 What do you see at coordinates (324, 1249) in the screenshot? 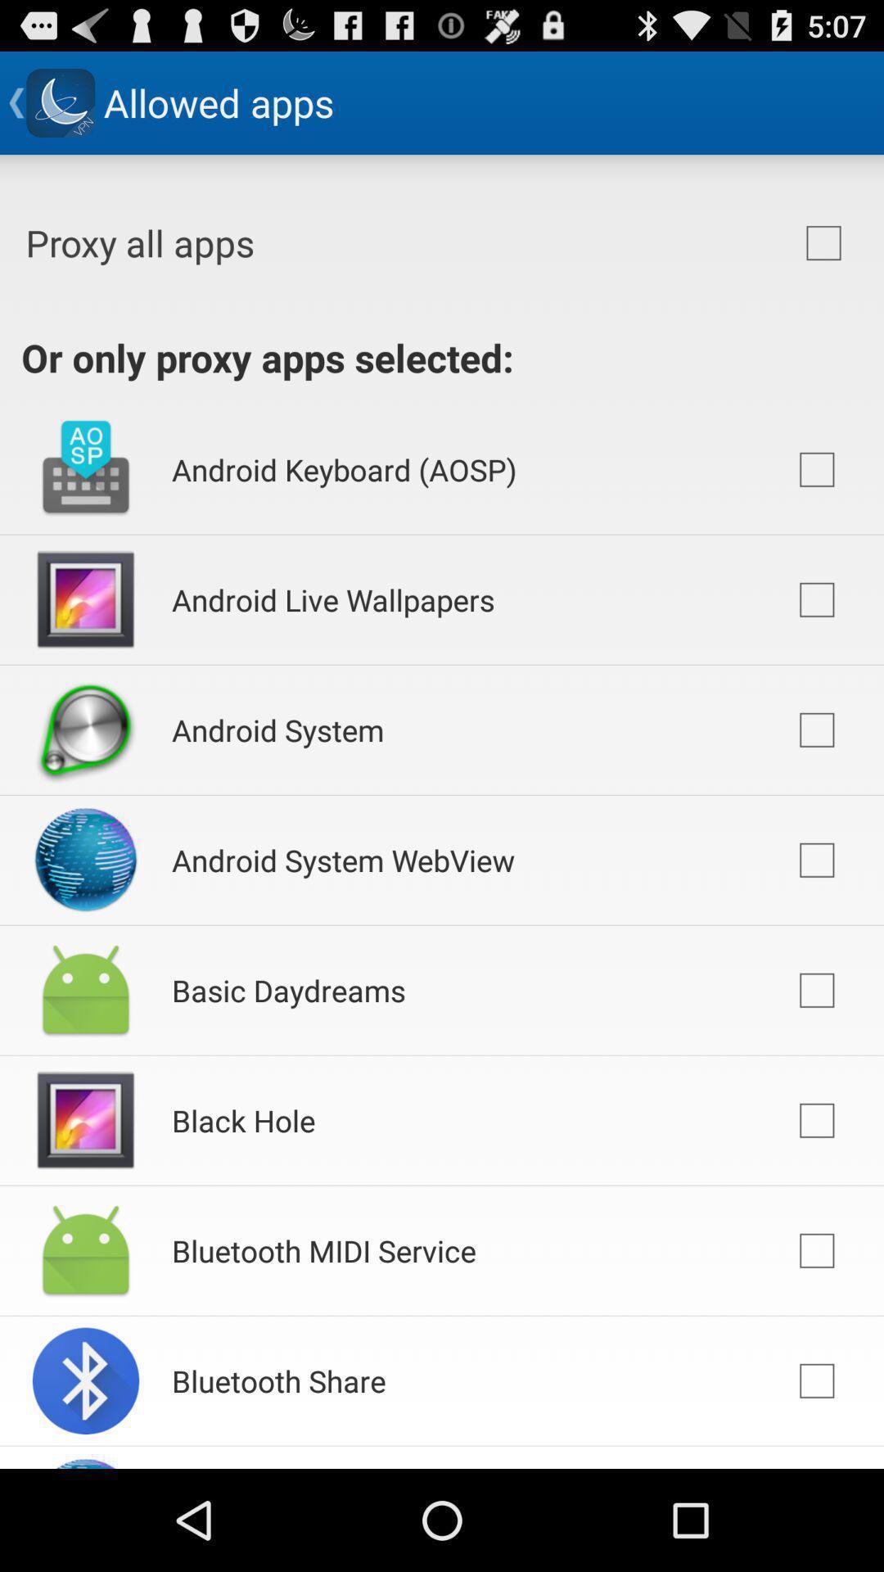
I see `the item below black hole app` at bounding box center [324, 1249].